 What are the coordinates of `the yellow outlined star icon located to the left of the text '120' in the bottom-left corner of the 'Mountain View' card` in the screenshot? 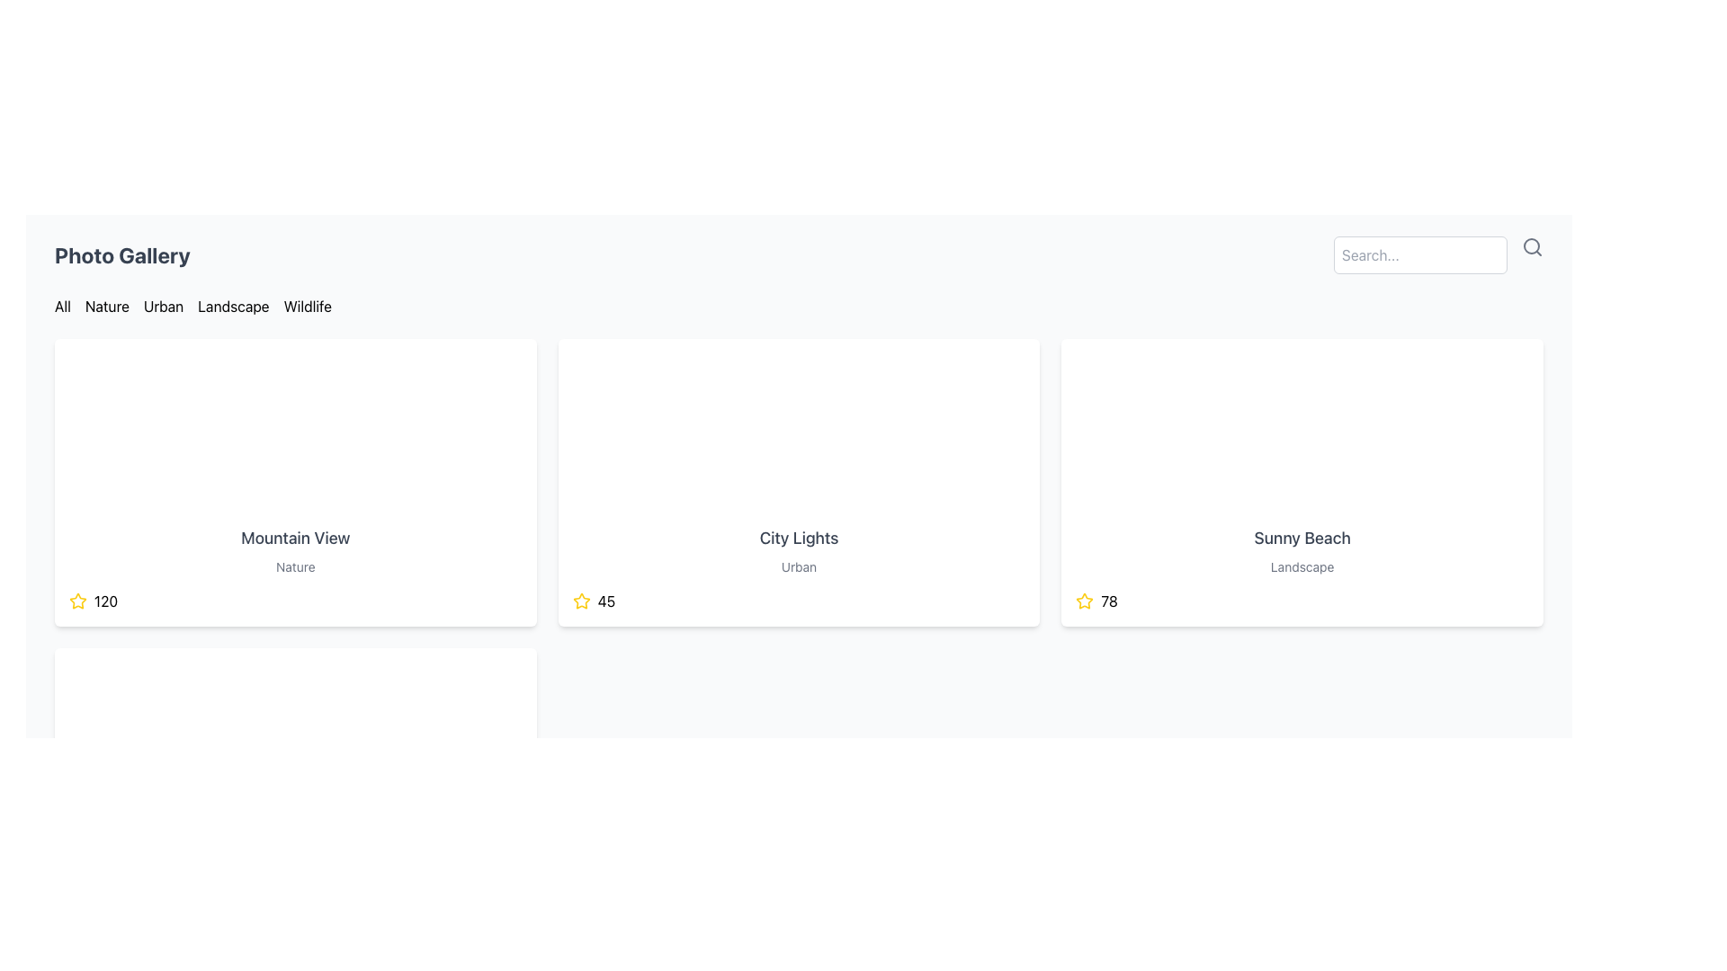 It's located at (76, 601).